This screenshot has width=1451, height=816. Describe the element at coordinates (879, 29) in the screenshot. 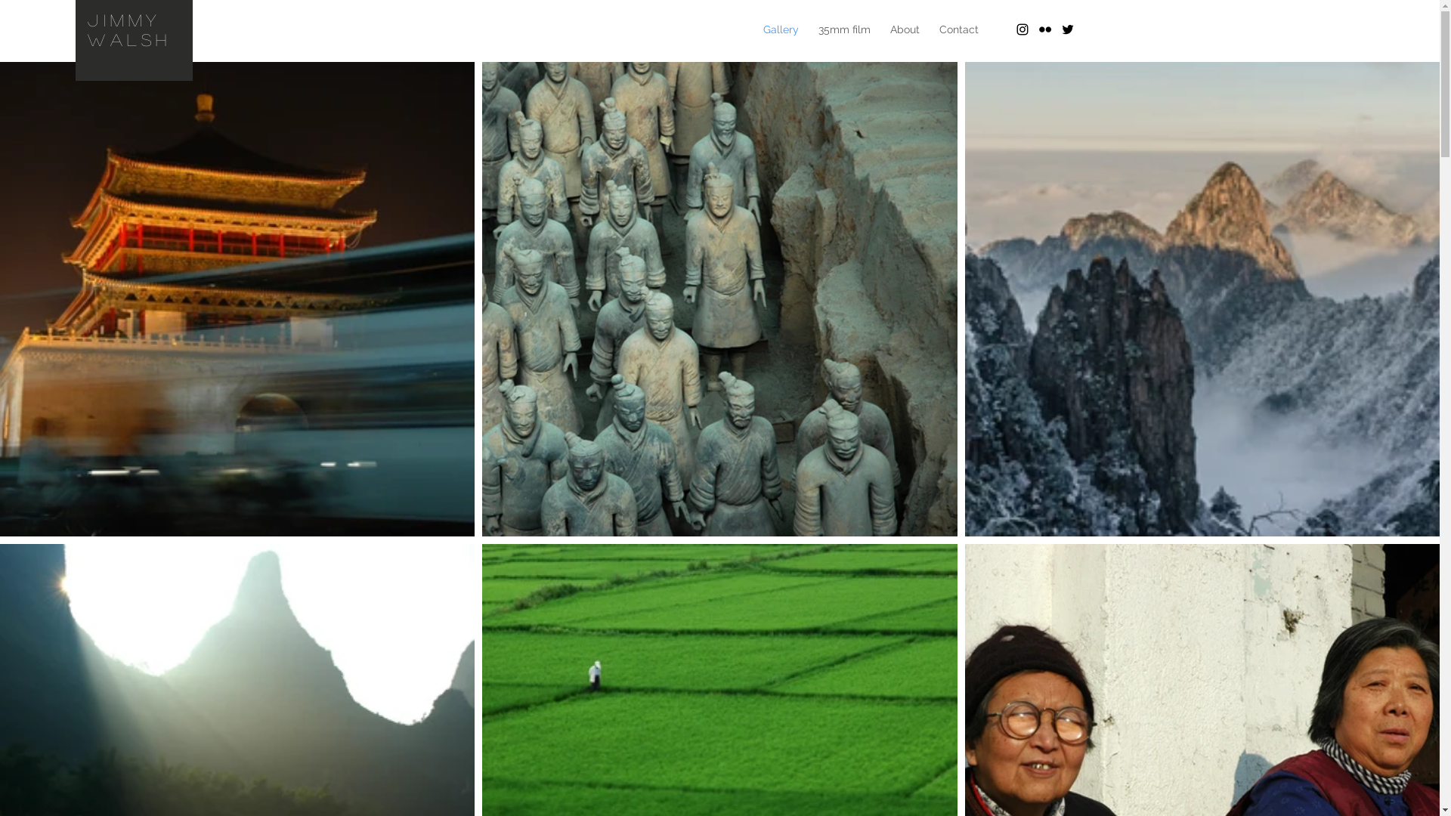

I see `'About'` at that location.